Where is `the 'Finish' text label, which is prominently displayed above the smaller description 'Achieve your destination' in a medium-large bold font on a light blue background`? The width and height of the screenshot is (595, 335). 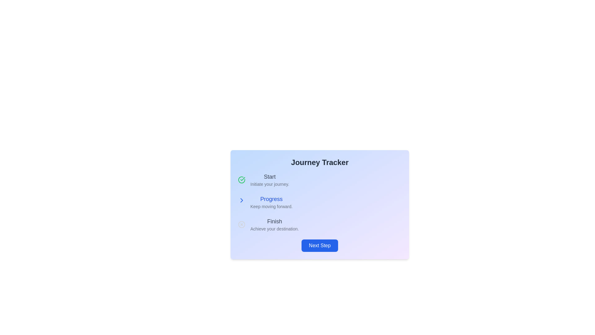
the 'Finish' text label, which is prominently displayed above the smaller description 'Achieve your destination' in a medium-large bold font on a light blue background is located at coordinates (274, 221).